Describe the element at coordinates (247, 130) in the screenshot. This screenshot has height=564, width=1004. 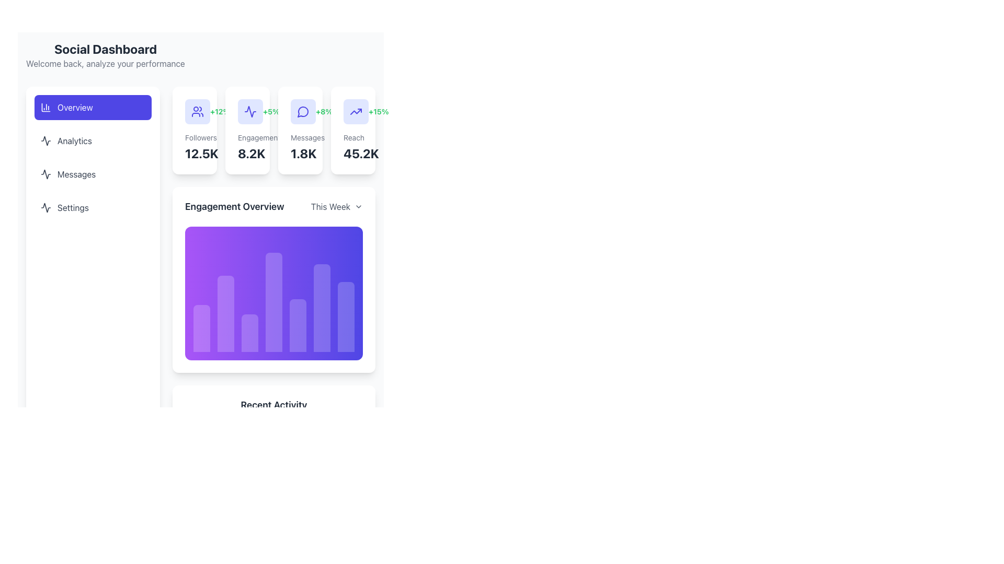
I see `the 'Engagement' informational card, which displays the value '8.2K' and growth '+5%', located in the top section of the dashboard interface` at that location.